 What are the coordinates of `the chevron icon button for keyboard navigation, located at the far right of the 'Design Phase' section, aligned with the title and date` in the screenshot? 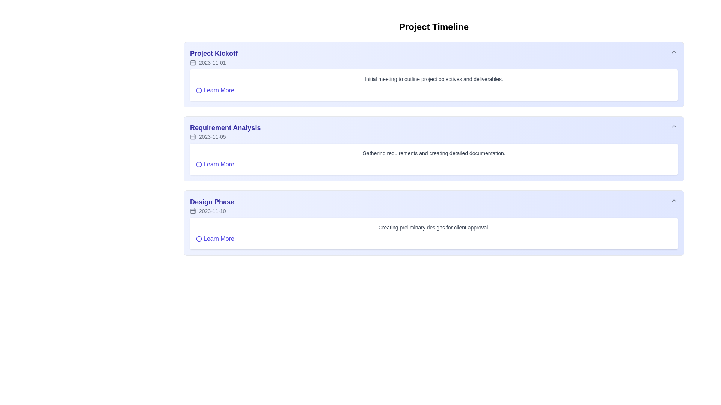 It's located at (674, 200).